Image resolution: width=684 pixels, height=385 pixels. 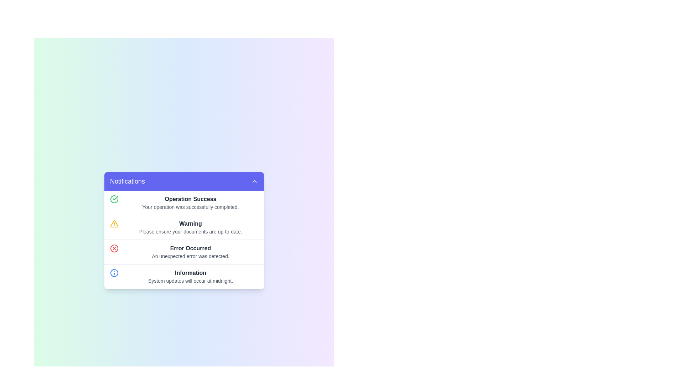 What do you see at coordinates (114, 248) in the screenshot?
I see `the red circular icon with a cross inside, which is the third item in the list of notification messages labeled 'Error Occurred'` at bounding box center [114, 248].